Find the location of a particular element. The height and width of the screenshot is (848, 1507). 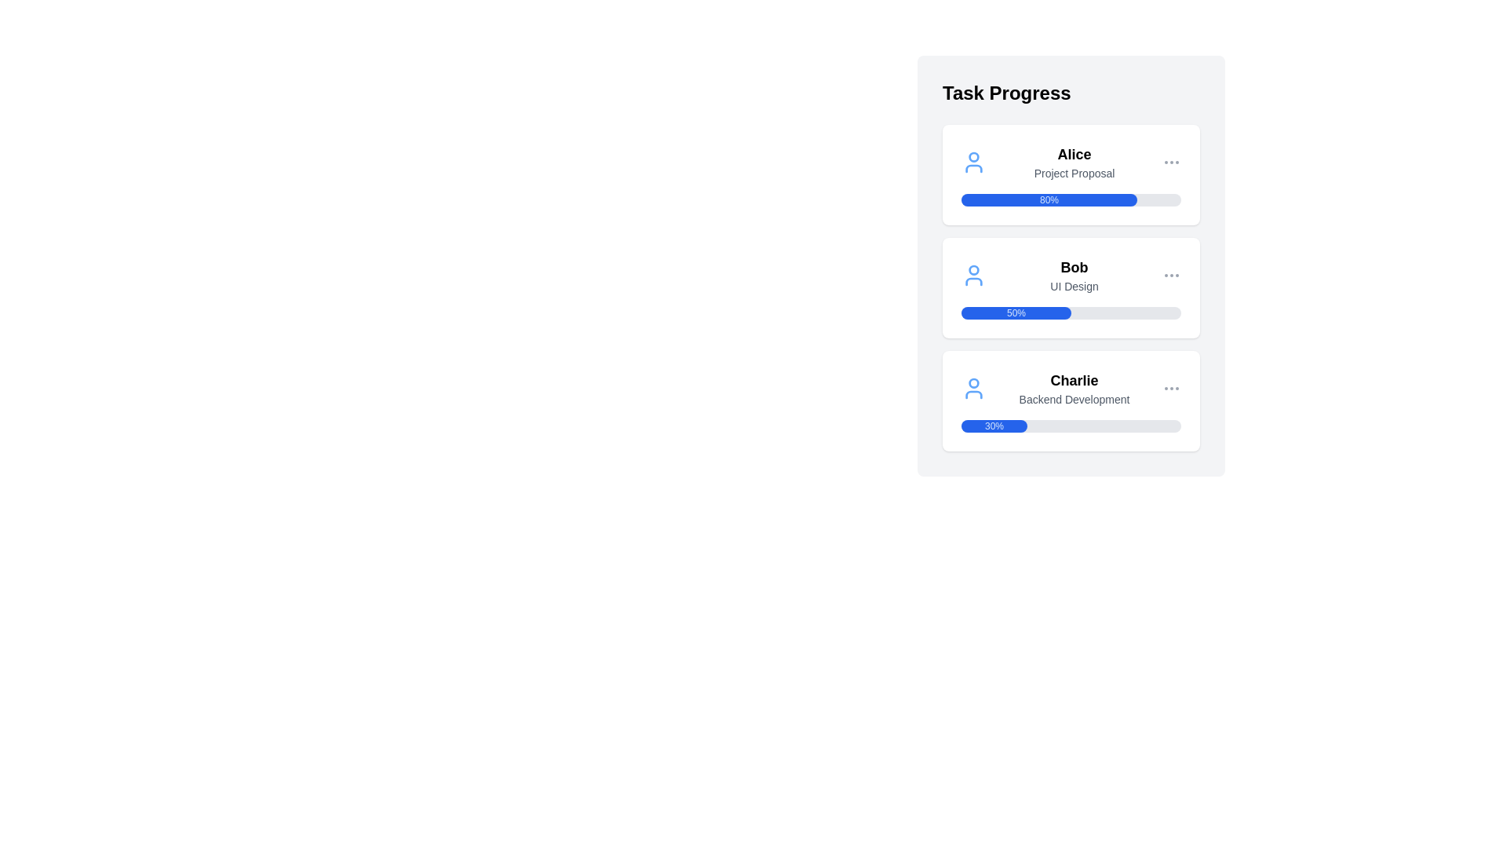

the progress bar representing 80% completion for the task labeled 'Alice - Project Proposal' in the 'Task Progress' section is located at coordinates (1049, 199).